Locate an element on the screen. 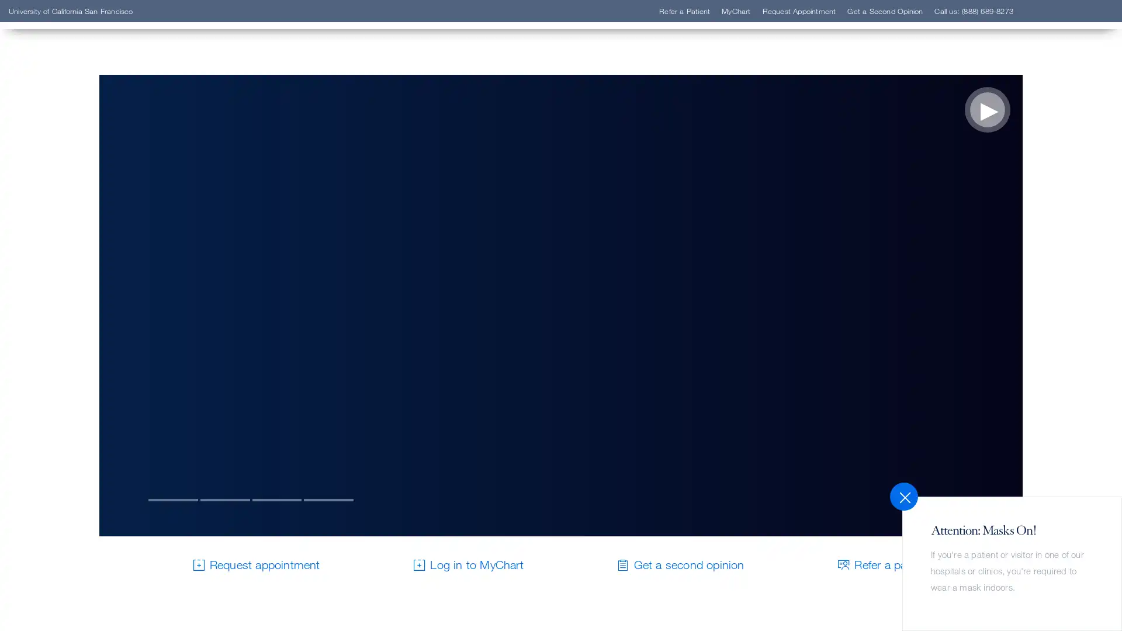 This screenshot has width=1122, height=631. search is located at coordinates (704, 77).